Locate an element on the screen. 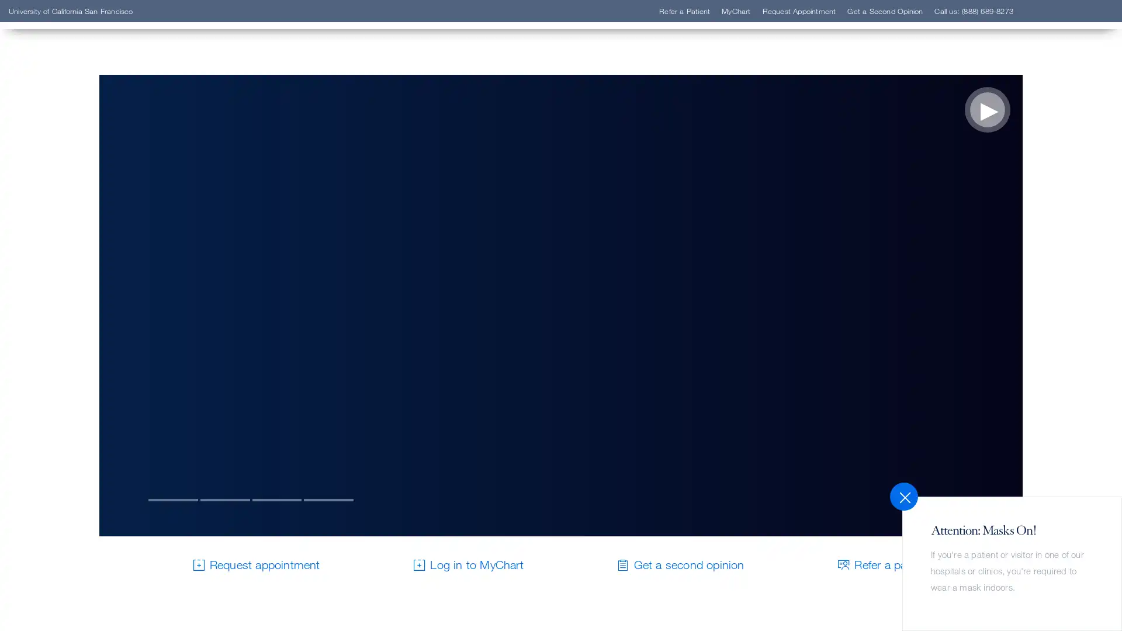 This screenshot has width=1122, height=631. search is located at coordinates (704, 77).